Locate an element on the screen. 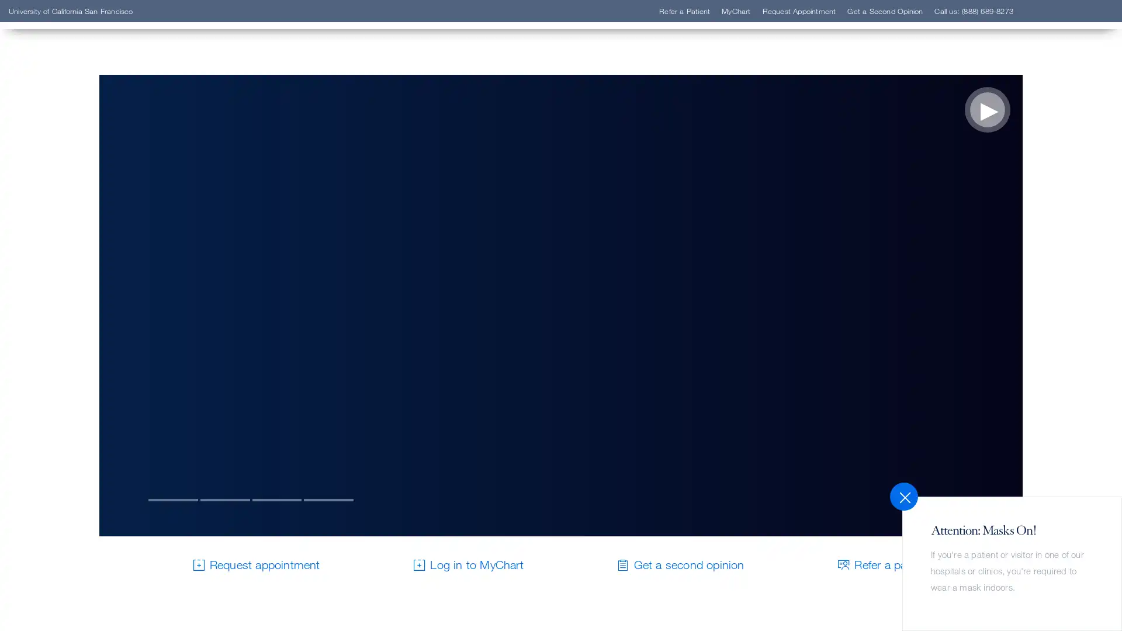 This screenshot has width=1122, height=631. search is located at coordinates (704, 77).